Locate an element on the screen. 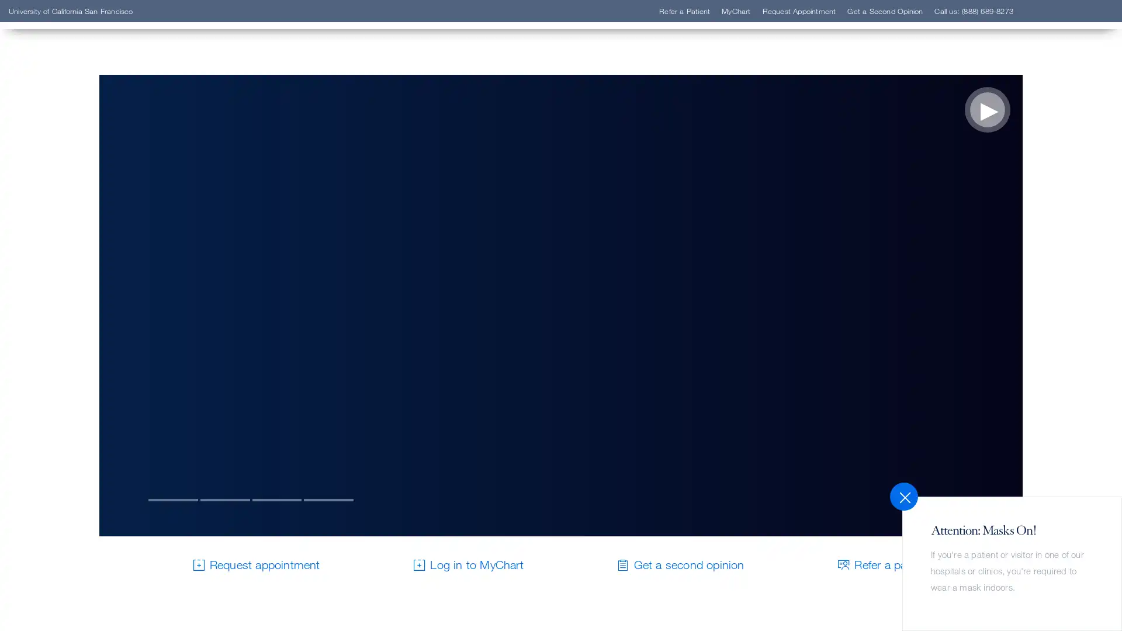 This screenshot has width=1122, height=631. search is located at coordinates (704, 77).